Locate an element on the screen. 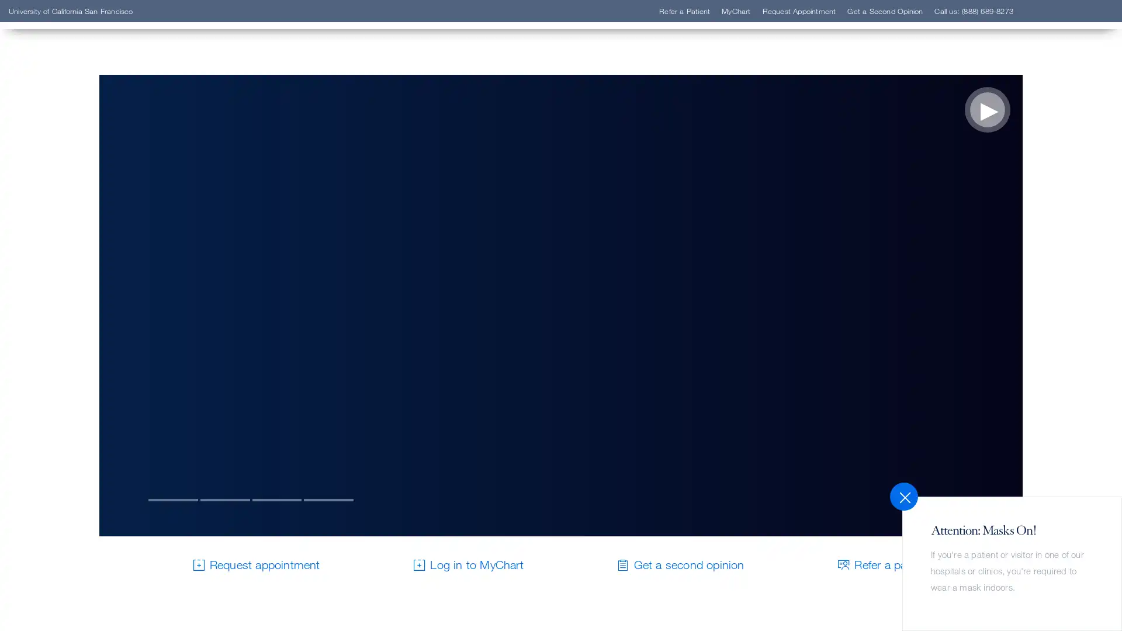 This screenshot has width=1122, height=631. search is located at coordinates (704, 77).